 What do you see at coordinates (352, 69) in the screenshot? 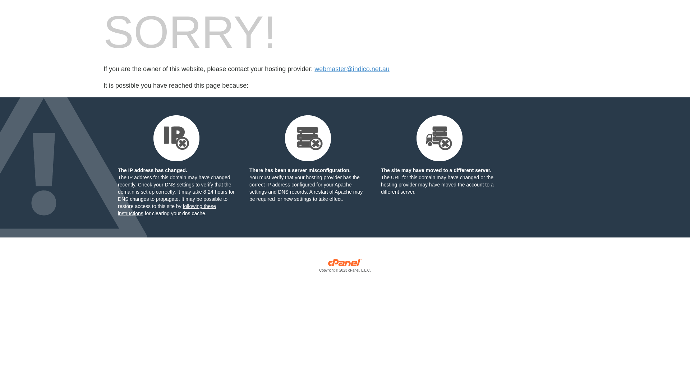
I see `'webmaster@indico.net.au'` at bounding box center [352, 69].